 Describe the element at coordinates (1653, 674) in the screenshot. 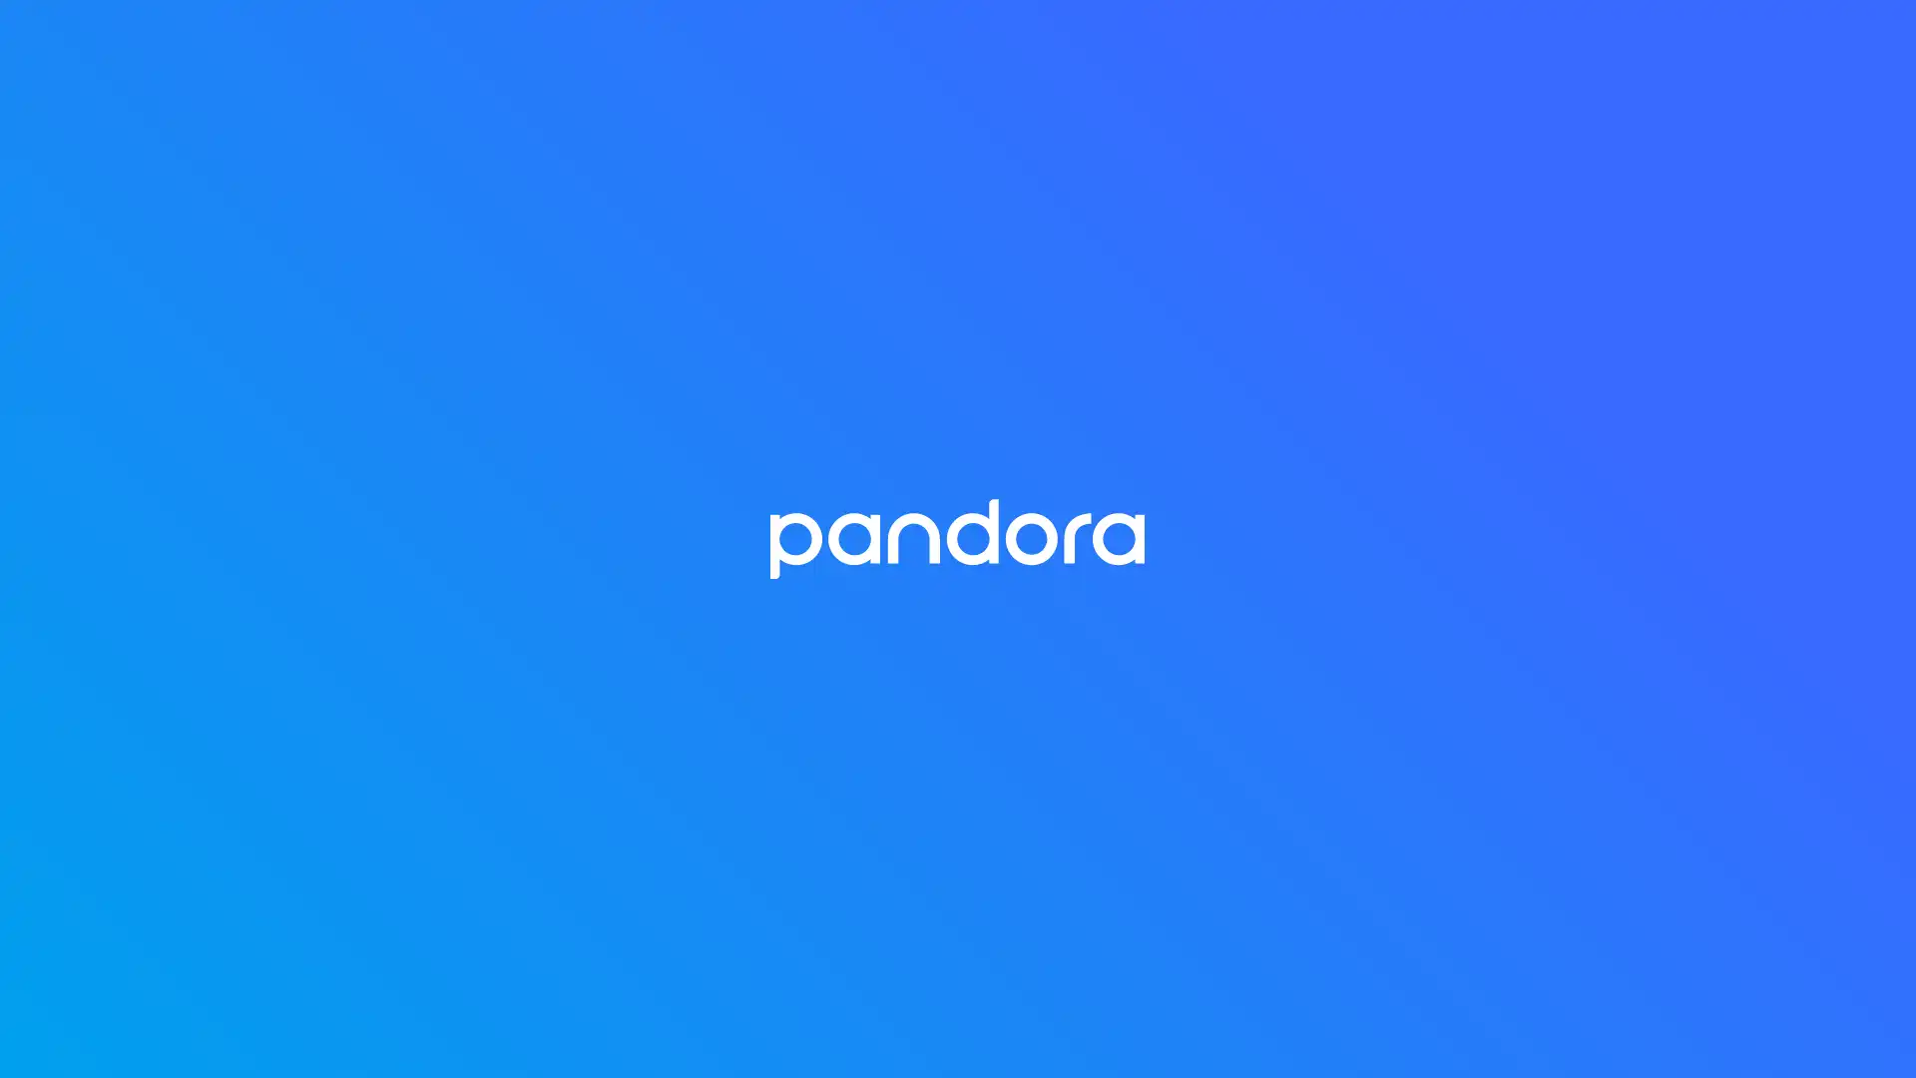

I see `32:25` at that location.